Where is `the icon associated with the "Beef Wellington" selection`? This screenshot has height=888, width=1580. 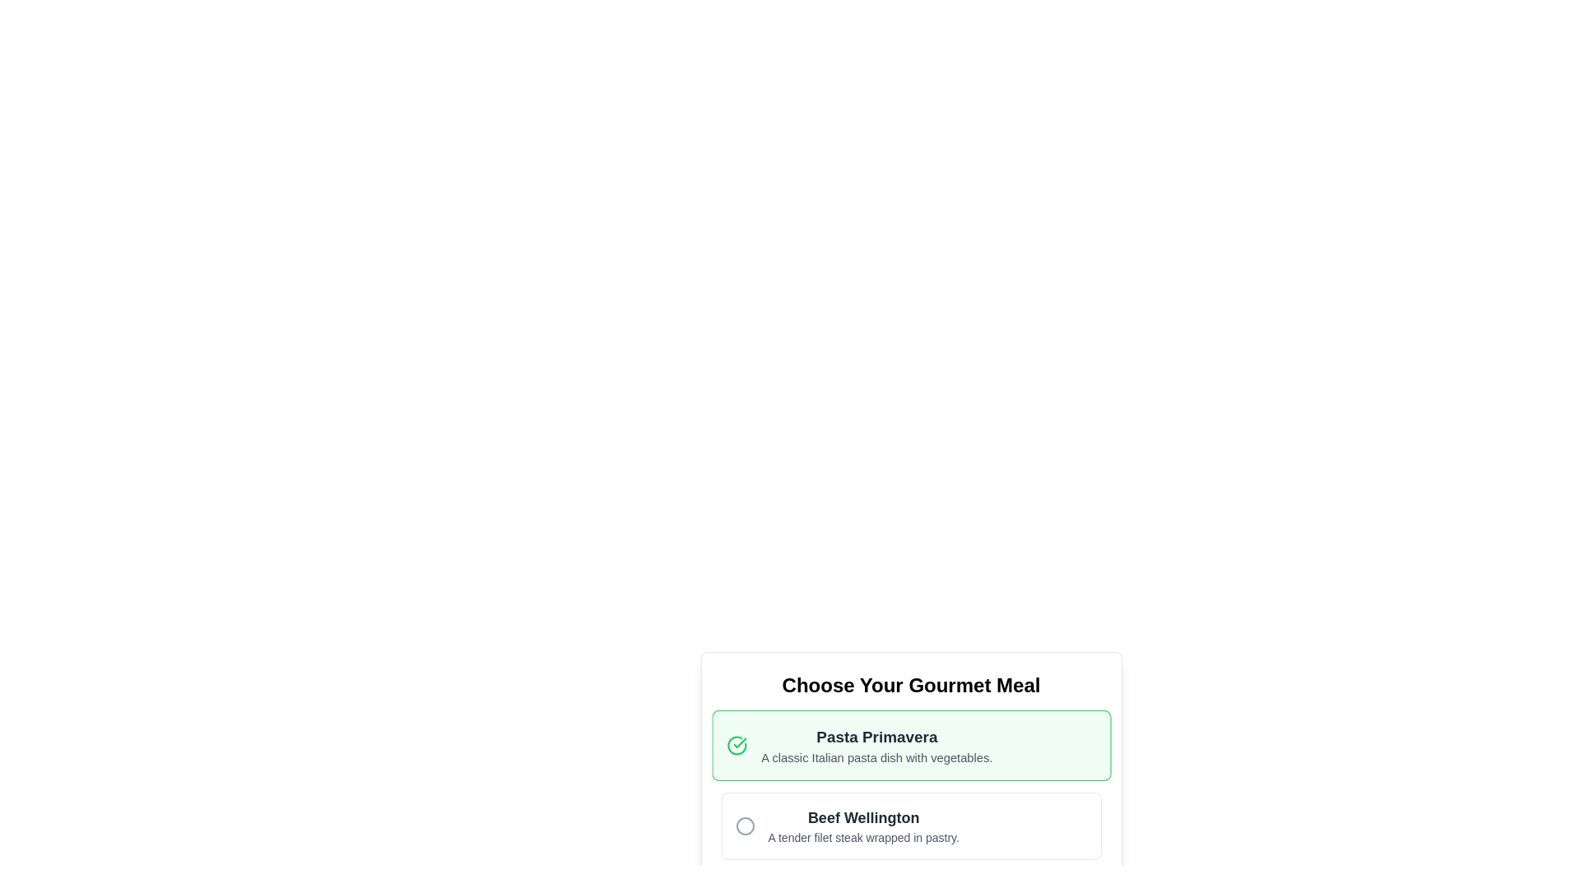 the icon associated with the "Beef Wellington" selection is located at coordinates (744, 826).